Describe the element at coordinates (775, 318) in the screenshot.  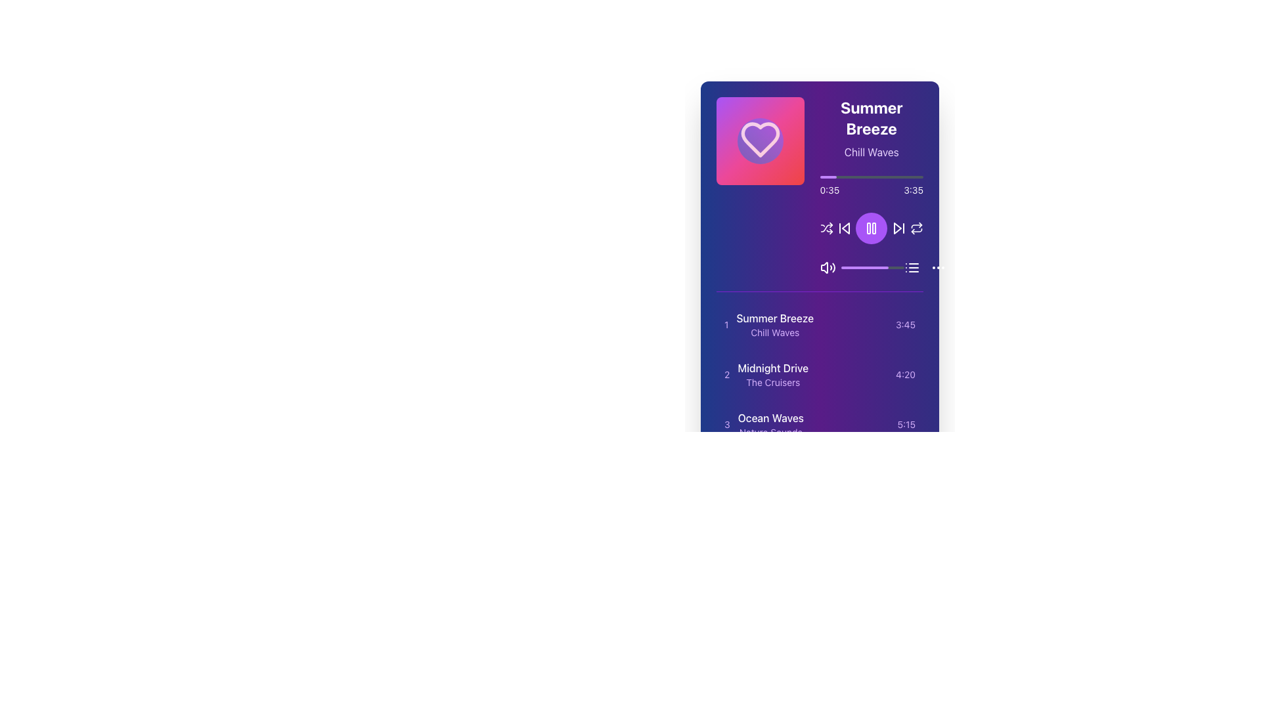
I see `text label that displays the title of a track or item in the list, located above the 'Chill Waves' text in the top-middle portion of the card layout` at that location.